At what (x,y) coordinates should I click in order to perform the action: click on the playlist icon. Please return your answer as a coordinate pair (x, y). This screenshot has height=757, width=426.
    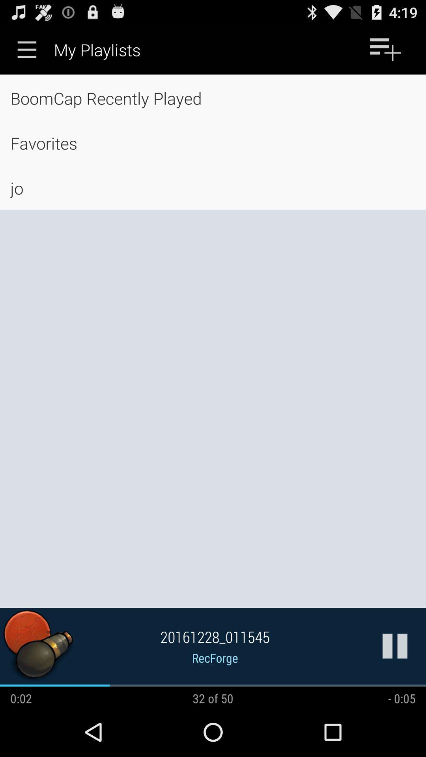
    Looking at the image, I should click on (385, 52).